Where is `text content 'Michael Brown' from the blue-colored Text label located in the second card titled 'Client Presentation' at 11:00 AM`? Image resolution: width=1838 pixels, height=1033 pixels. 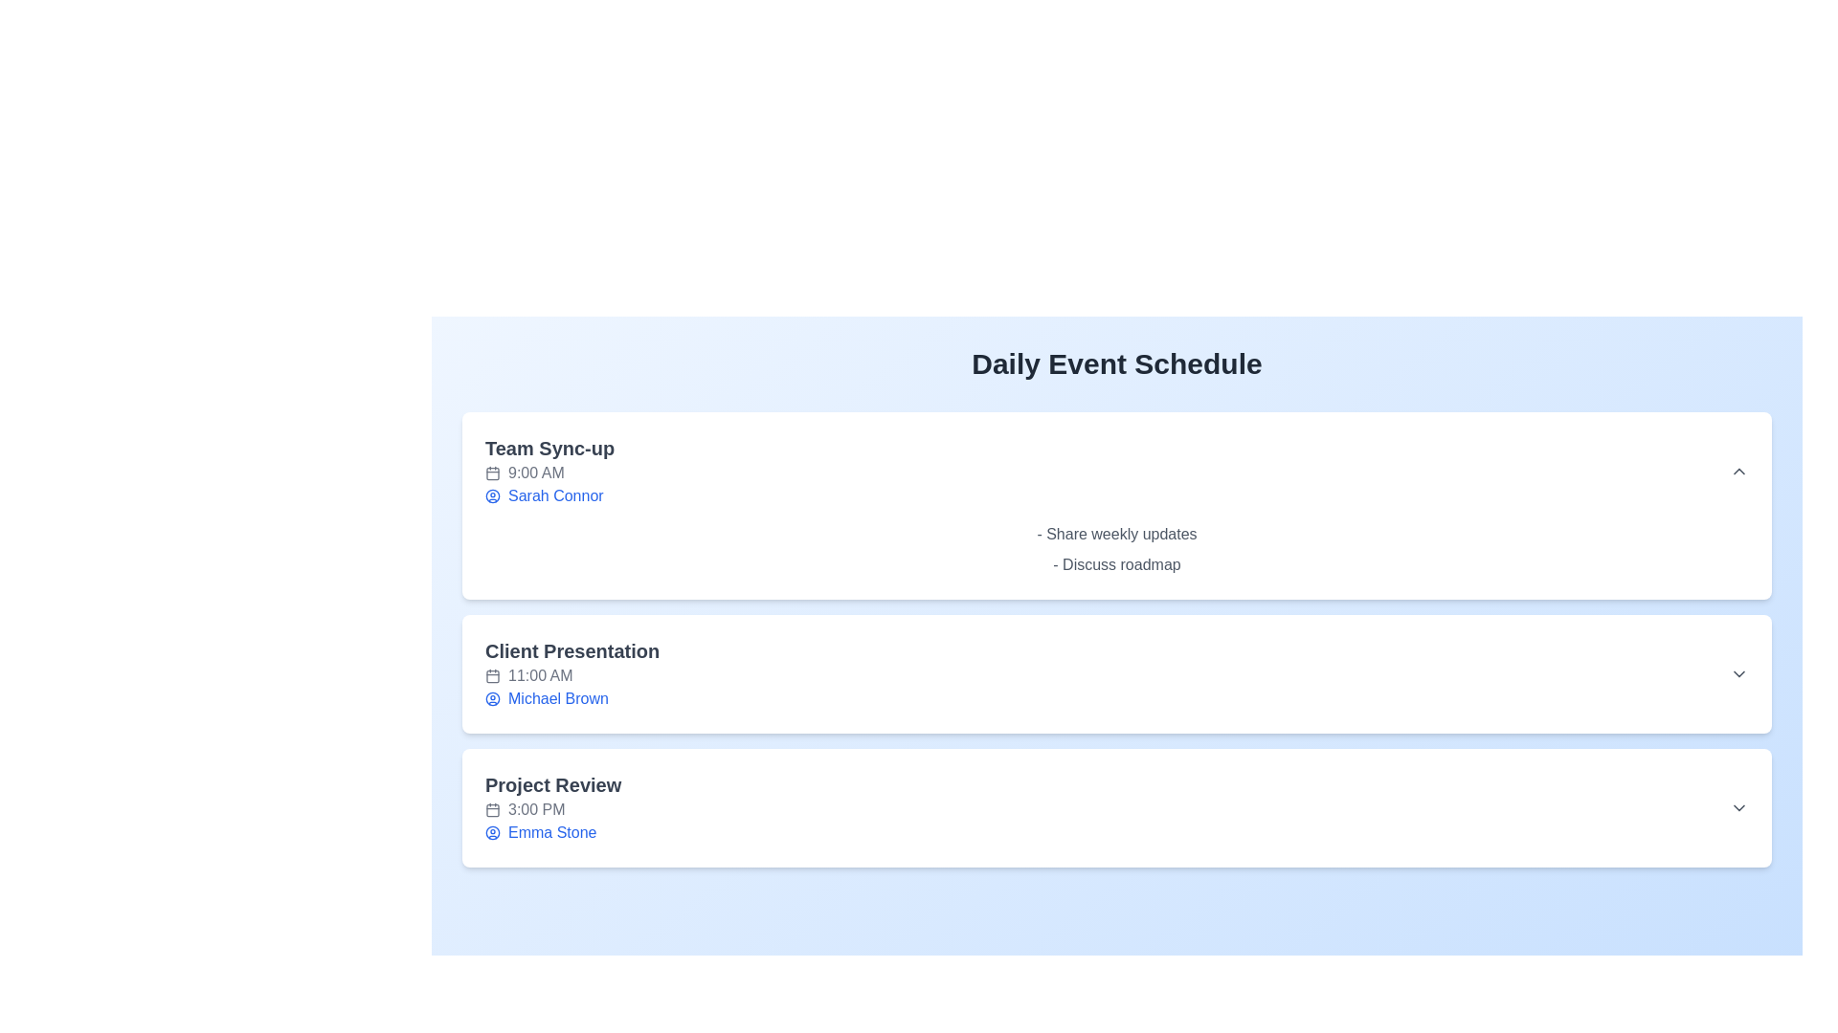
text content 'Michael Brown' from the blue-colored Text label located in the second card titled 'Client Presentation' at 11:00 AM is located at coordinates (557, 699).